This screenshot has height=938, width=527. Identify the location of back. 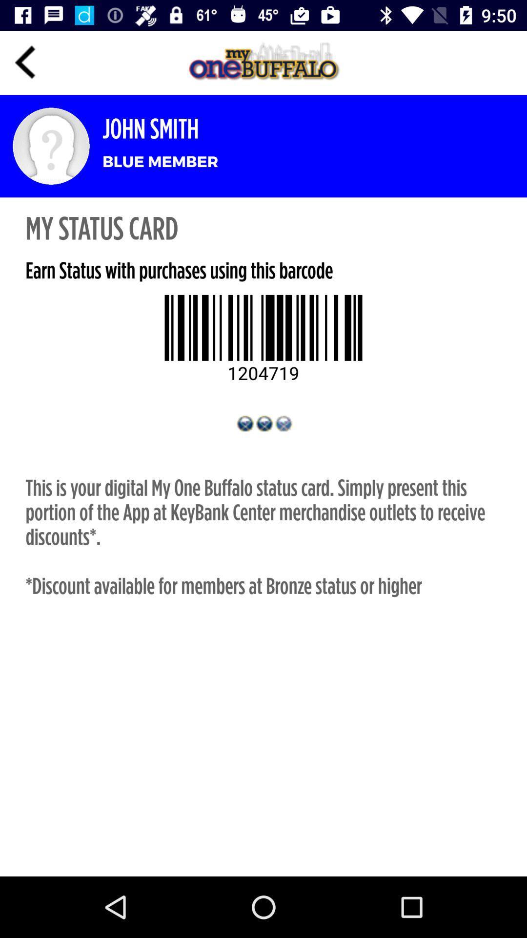
(25, 62).